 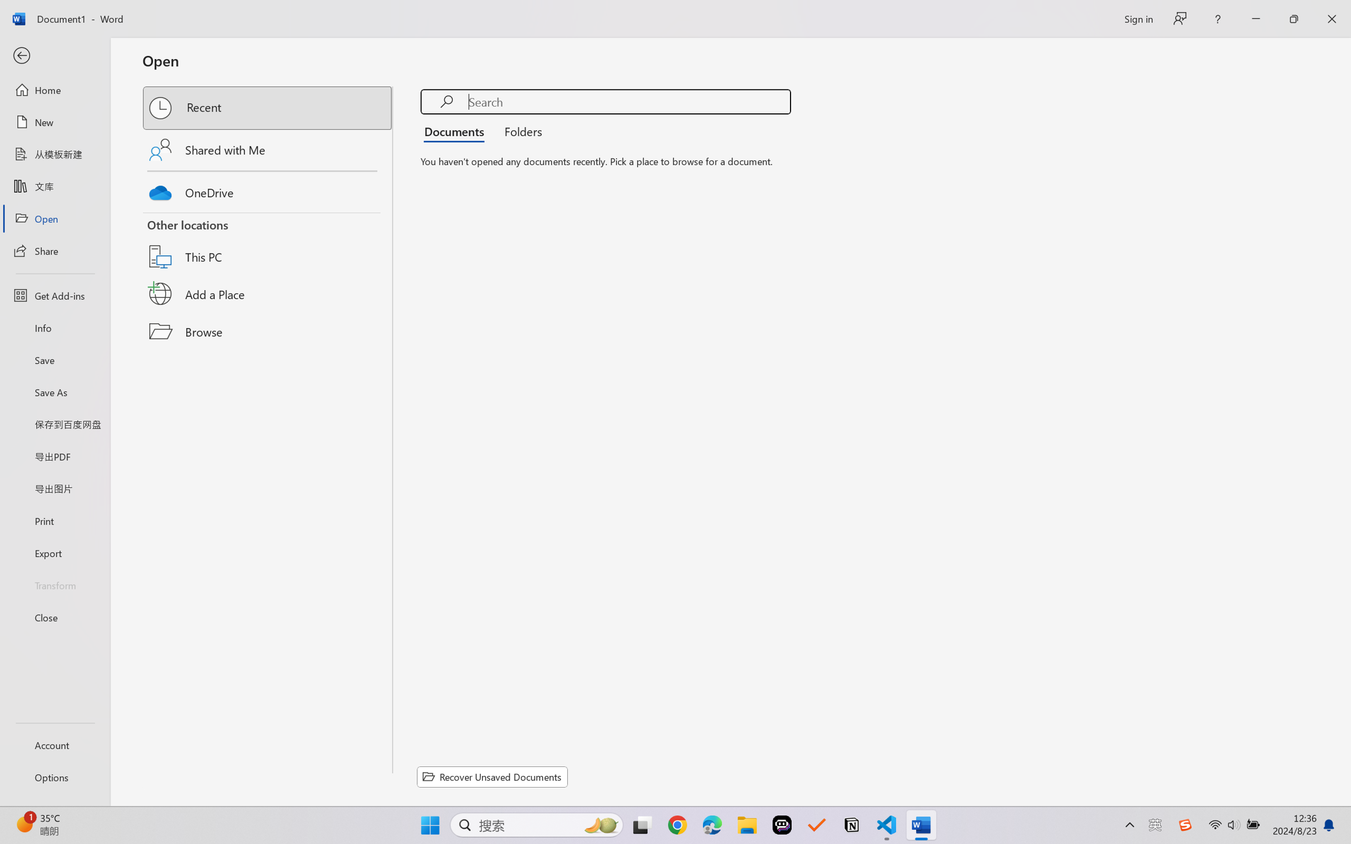 I want to click on 'Transform', so click(x=54, y=584).